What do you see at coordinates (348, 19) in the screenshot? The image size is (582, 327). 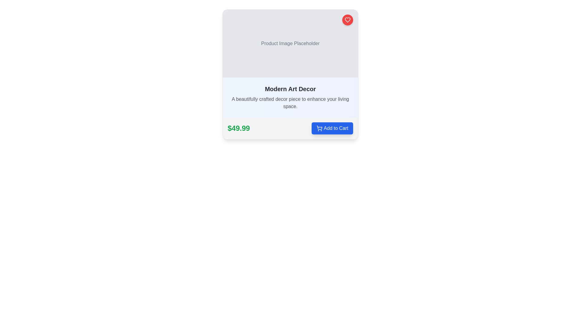 I see `the heart icon located at the top-right corner of the product card interface` at bounding box center [348, 19].